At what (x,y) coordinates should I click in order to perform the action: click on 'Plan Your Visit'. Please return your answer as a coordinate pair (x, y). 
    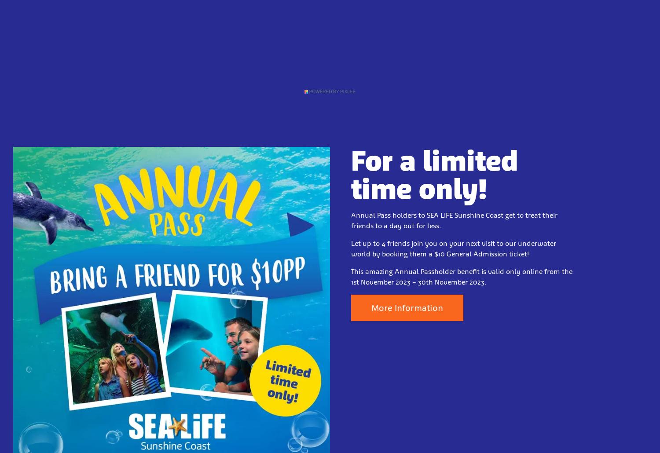
    Looking at the image, I should click on (253, 47).